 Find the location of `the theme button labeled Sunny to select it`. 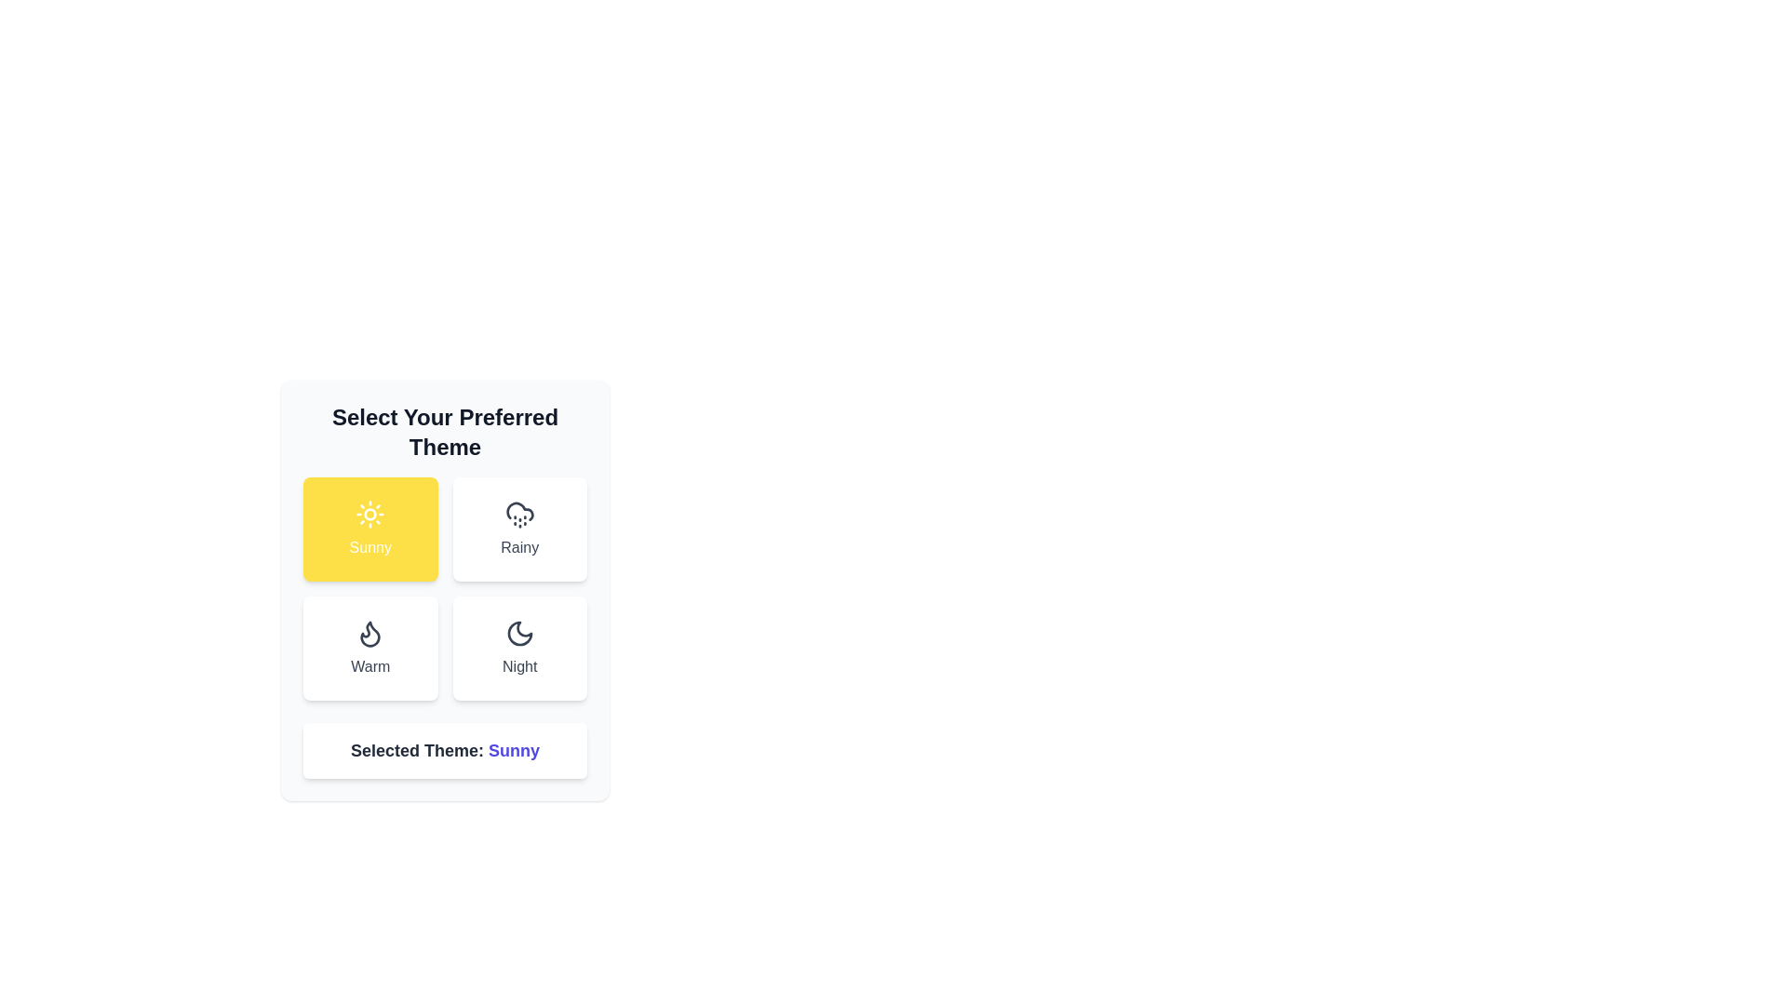

the theme button labeled Sunny to select it is located at coordinates (370, 529).